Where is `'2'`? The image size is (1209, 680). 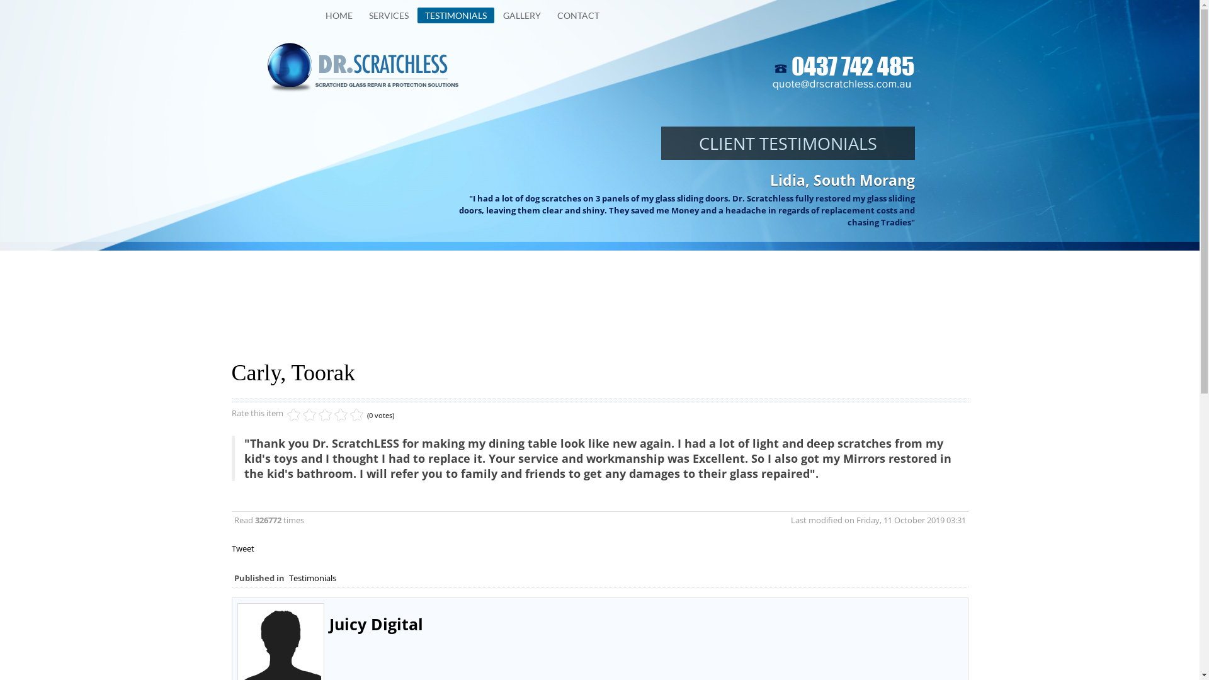 '2' is located at coordinates (301, 415).